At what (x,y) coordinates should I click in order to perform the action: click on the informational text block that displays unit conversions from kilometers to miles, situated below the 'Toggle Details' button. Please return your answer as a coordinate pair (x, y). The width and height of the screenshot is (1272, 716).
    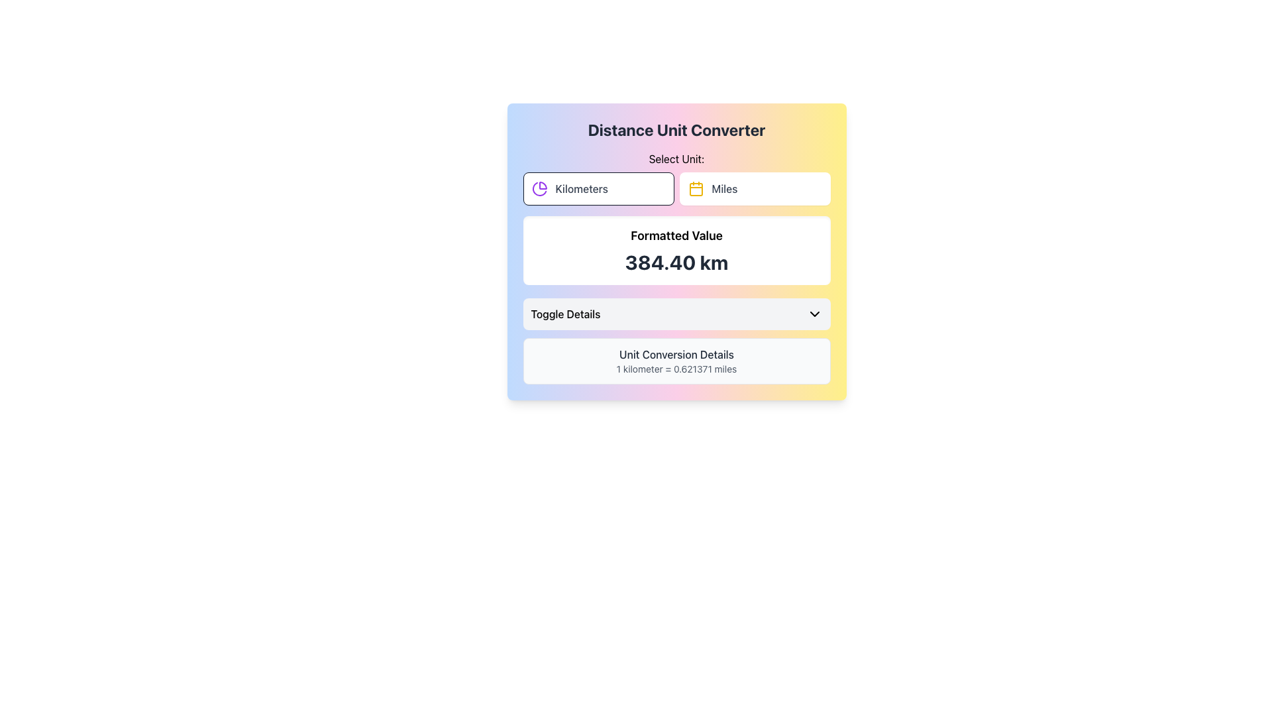
    Looking at the image, I should click on (676, 361).